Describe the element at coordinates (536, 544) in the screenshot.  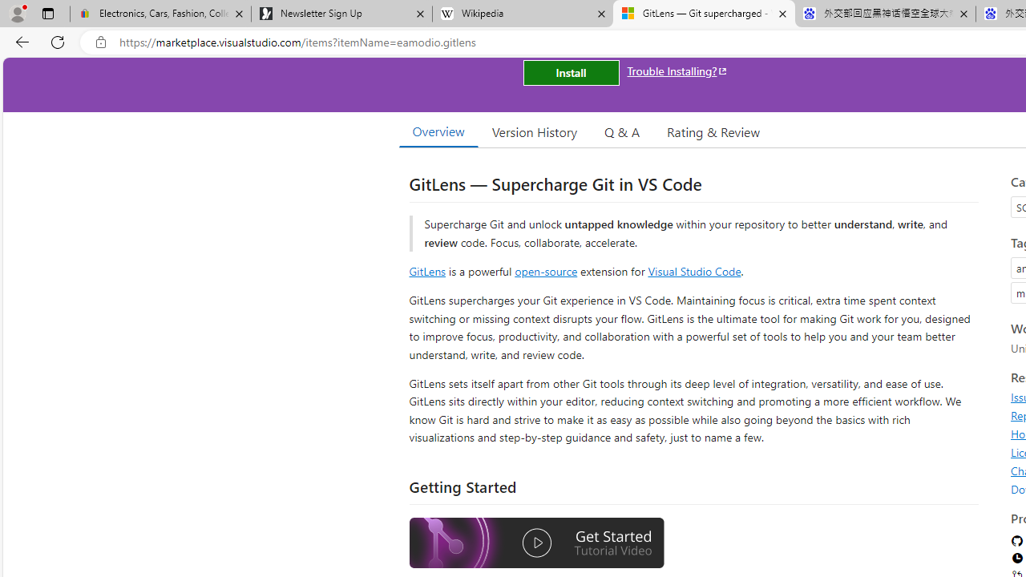
I see `'Watch the GitLens Getting Started video'` at that location.